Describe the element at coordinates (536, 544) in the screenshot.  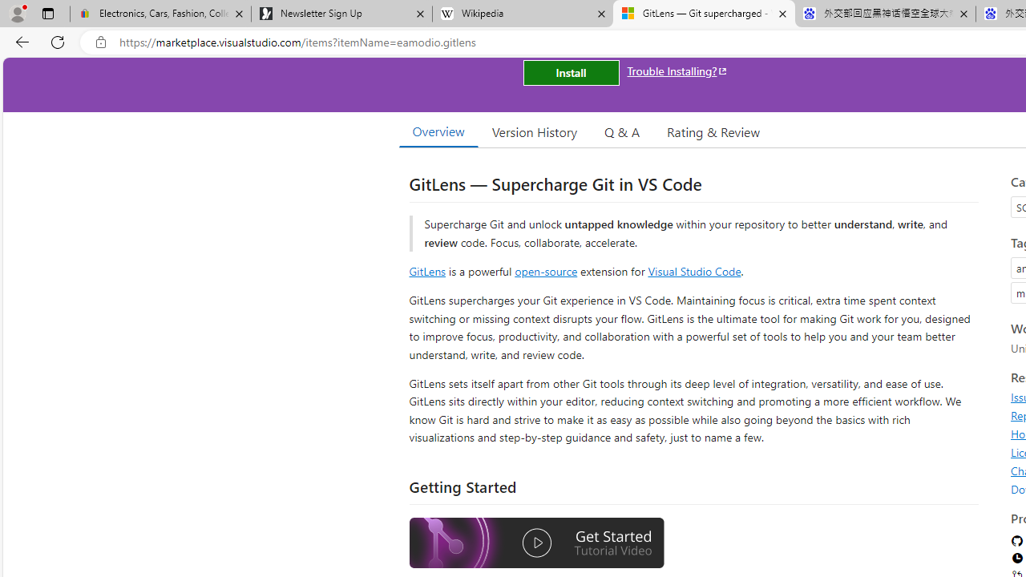
I see `'Watch the GitLens Getting Started video'` at that location.